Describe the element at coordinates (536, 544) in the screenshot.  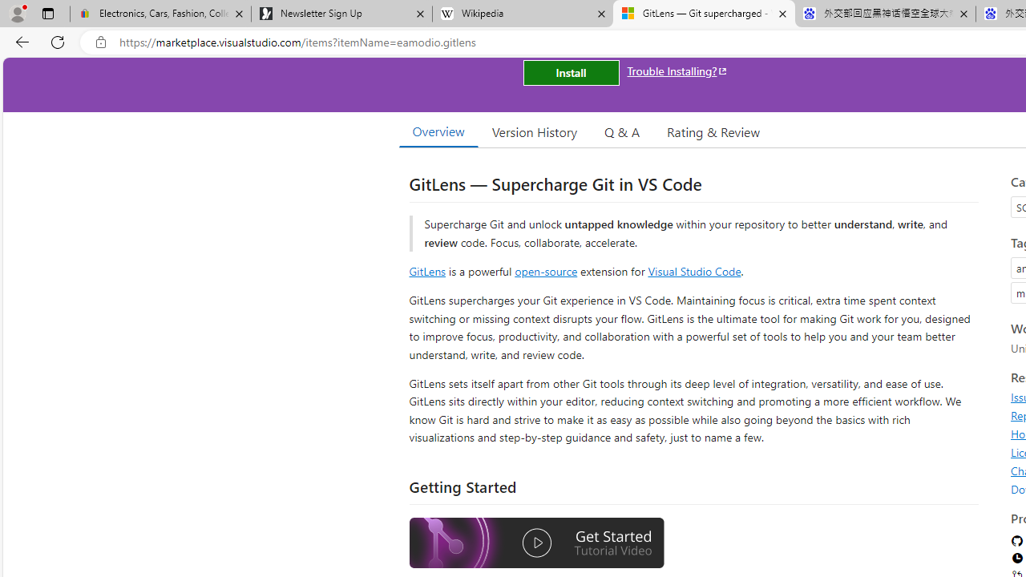
I see `'Watch the GitLens Getting Started video'` at that location.